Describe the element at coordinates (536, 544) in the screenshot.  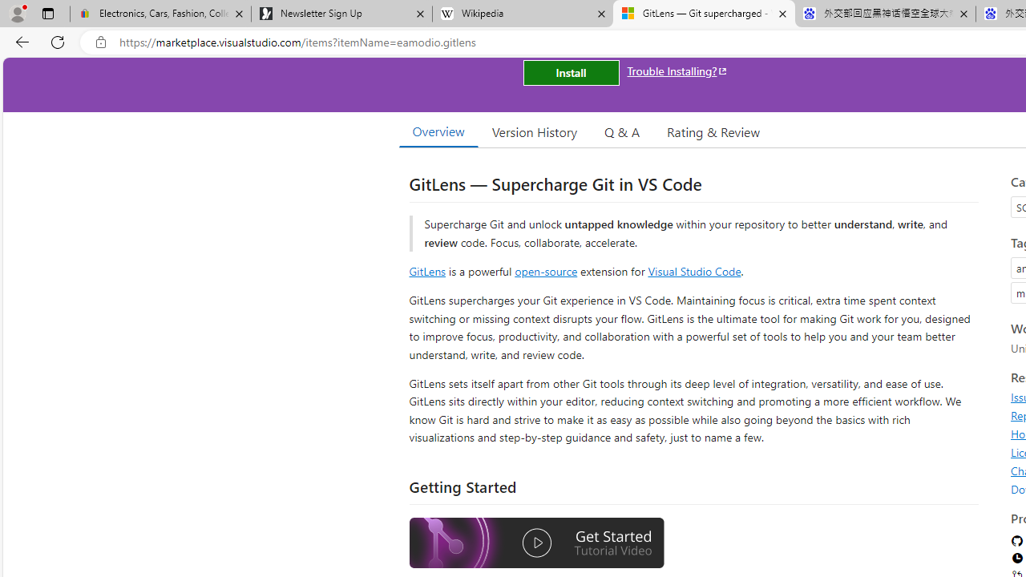
I see `'Watch the GitLens Getting Started video'` at that location.